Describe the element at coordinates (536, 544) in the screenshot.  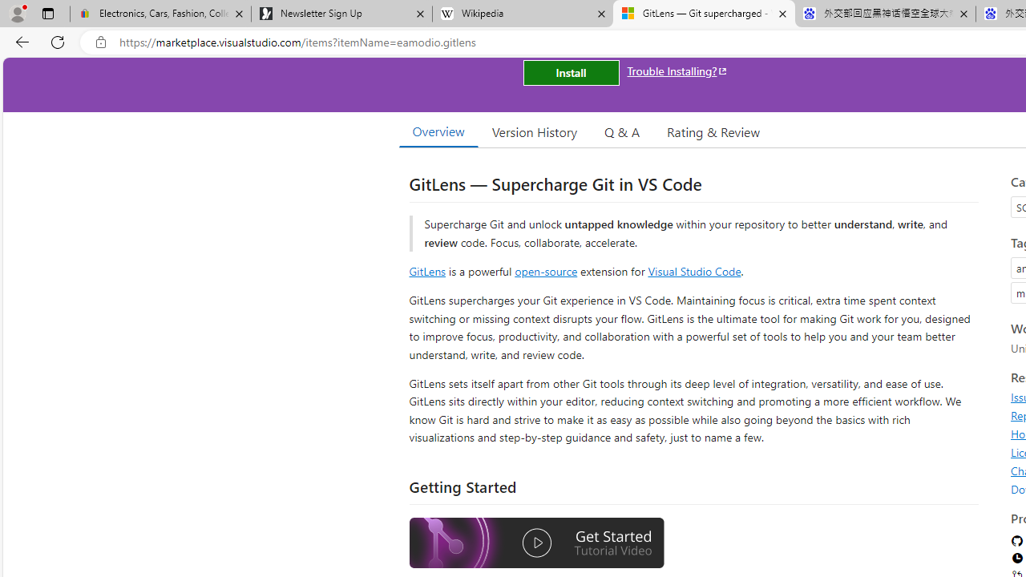
I see `'Watch the GitLens Getting Started video'` at that location.